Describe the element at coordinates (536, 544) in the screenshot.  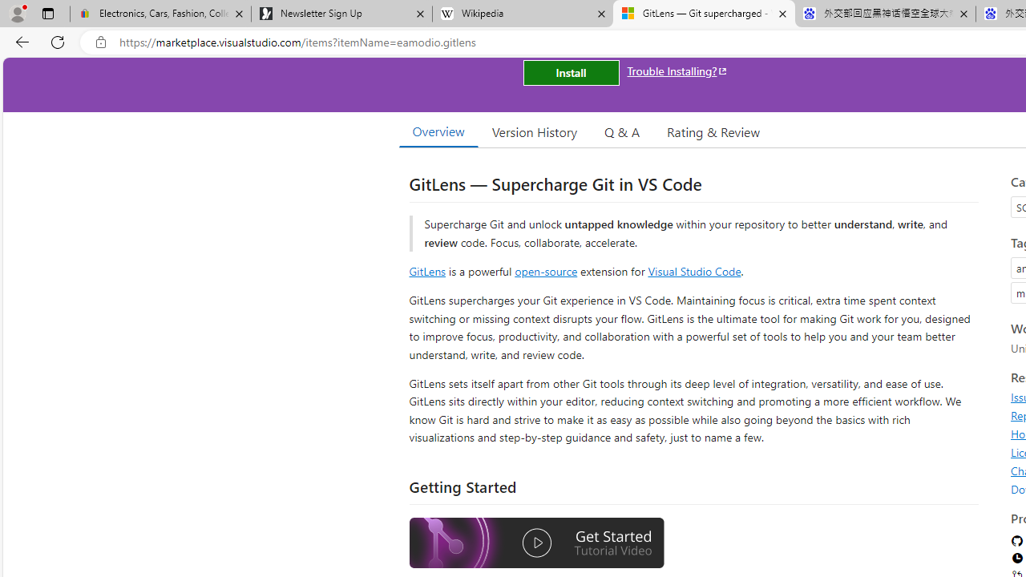
I see `'Watch the GitLens Getting Started video'` at that location.